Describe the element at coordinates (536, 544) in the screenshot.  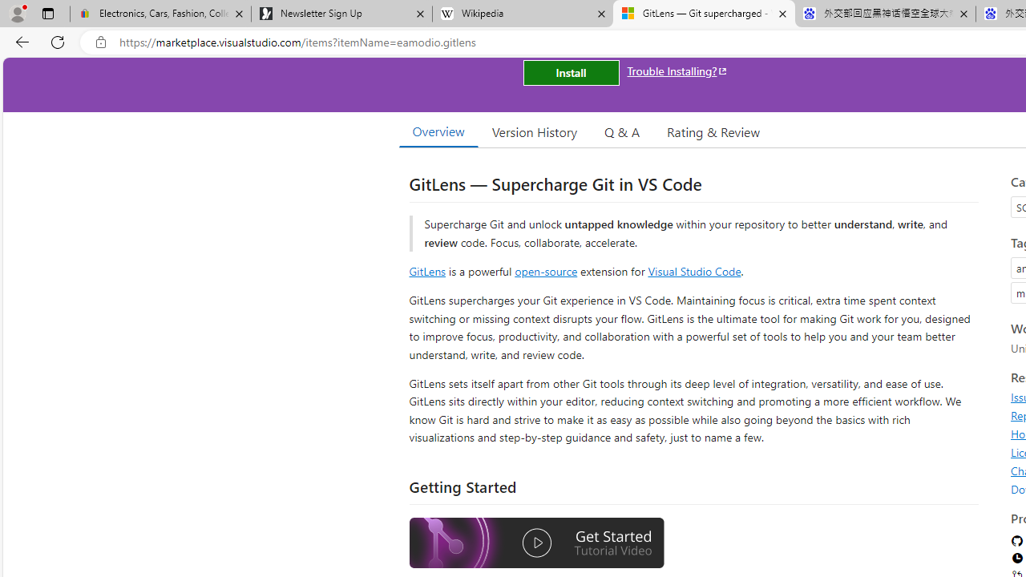
I see `'Watch the GitLens Getting Started video'` at that location.